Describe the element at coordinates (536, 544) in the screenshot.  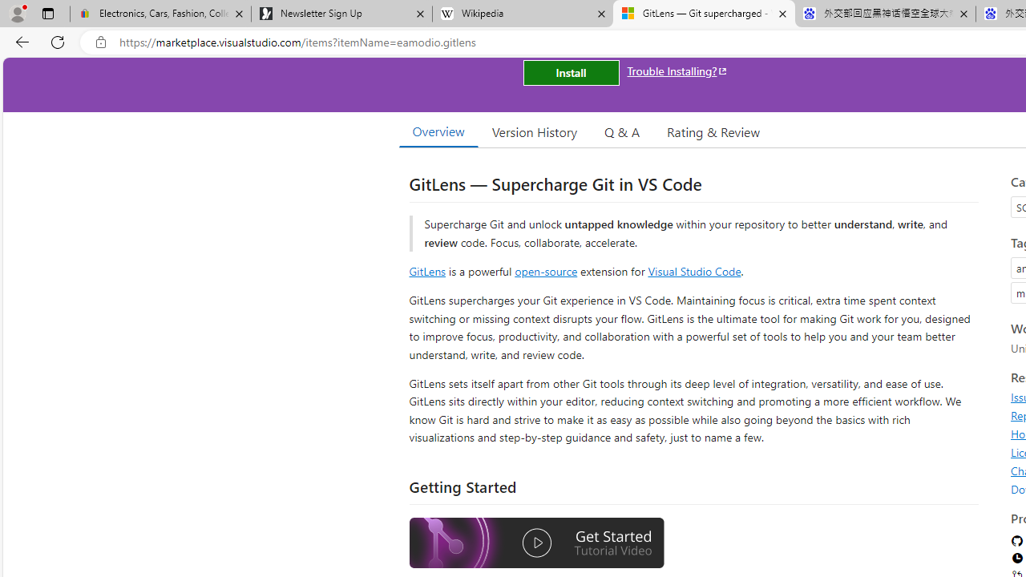
I see `'Watch the GitLens Getting Started video'` at that location.